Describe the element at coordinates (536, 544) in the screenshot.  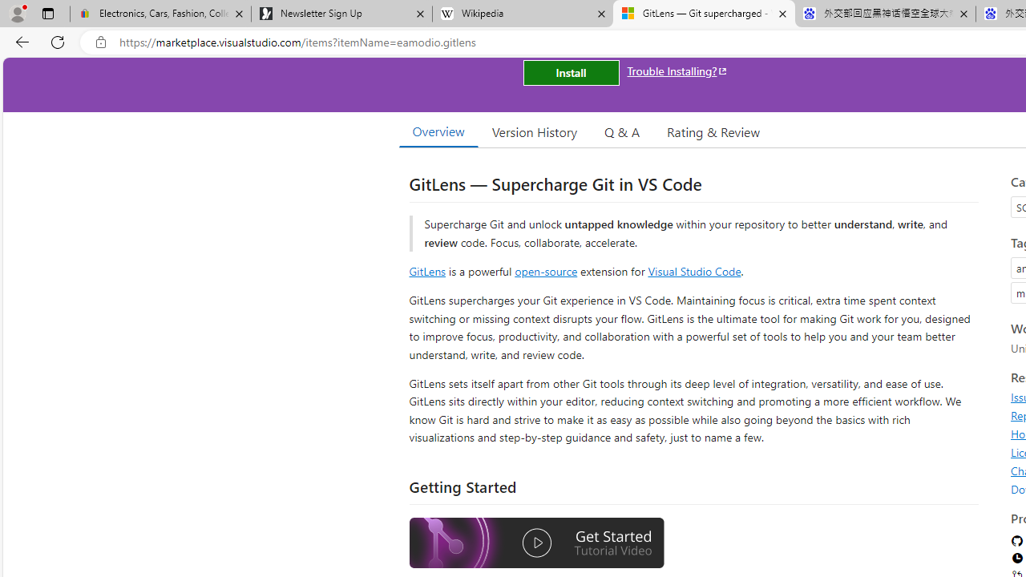
I see `'Watch the GitLens Getting Started video'` at that location.